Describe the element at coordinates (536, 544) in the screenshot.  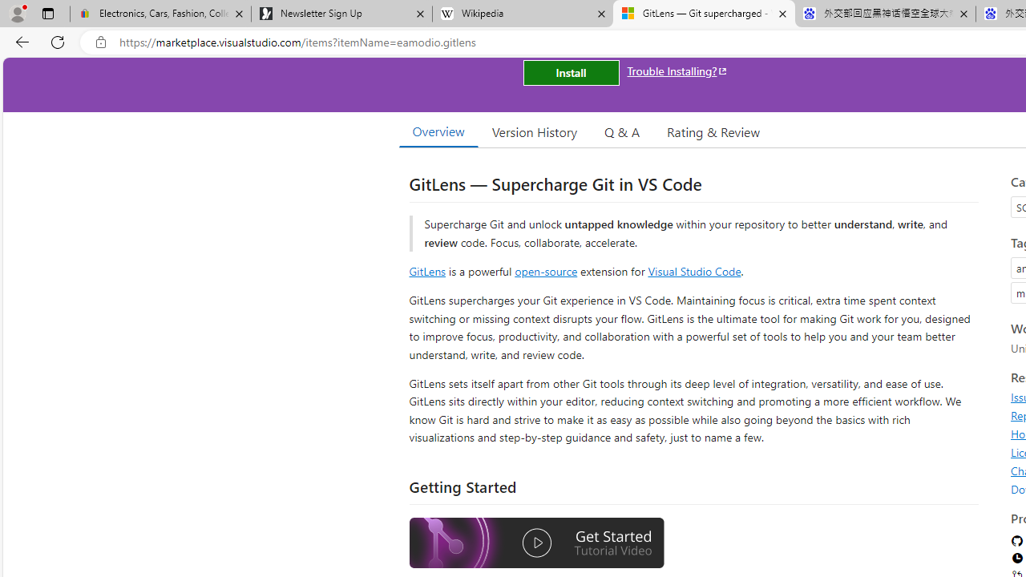
I see `'Watch the GitLens Getting Started video'` at that location.